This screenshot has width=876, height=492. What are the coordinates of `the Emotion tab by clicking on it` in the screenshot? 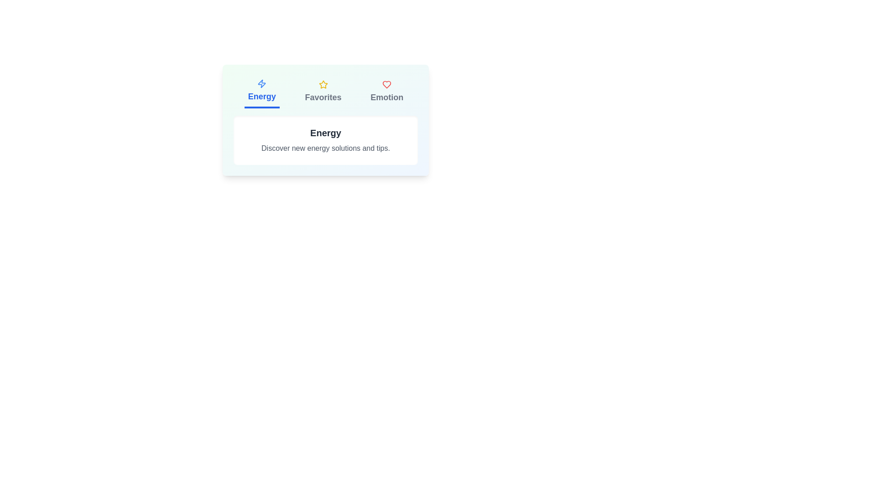 It's located at (387, 92).